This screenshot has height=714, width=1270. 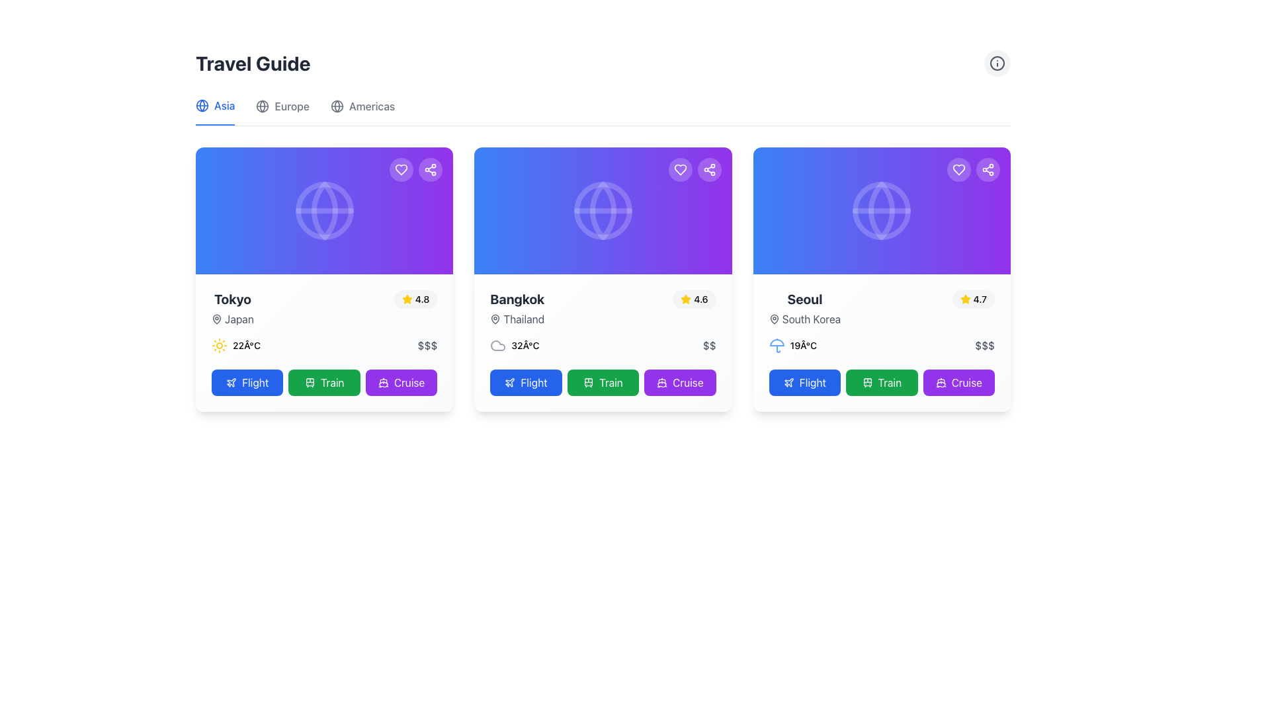 I want to click on text label displaying 'Seoul' which is styled in bold, extra-large, dark gray font, located in the third column of the grid and centered above 'South Korea', so click(x=804, y=299).